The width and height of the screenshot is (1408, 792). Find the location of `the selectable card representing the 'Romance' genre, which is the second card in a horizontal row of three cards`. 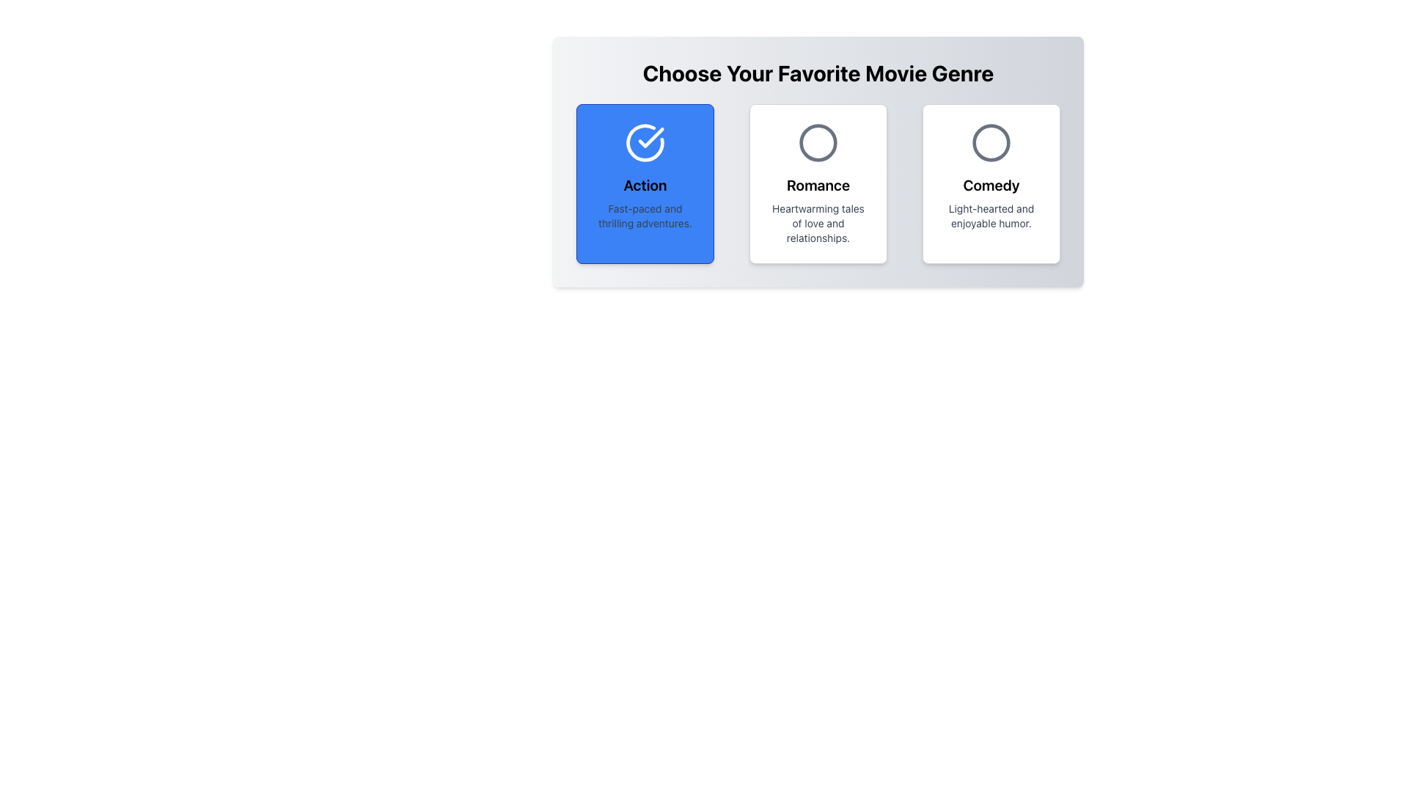

the selectable card representing the 'Romance' genre, which is the second card in a horizontal row of three cards is located at coordinates (818, 183).